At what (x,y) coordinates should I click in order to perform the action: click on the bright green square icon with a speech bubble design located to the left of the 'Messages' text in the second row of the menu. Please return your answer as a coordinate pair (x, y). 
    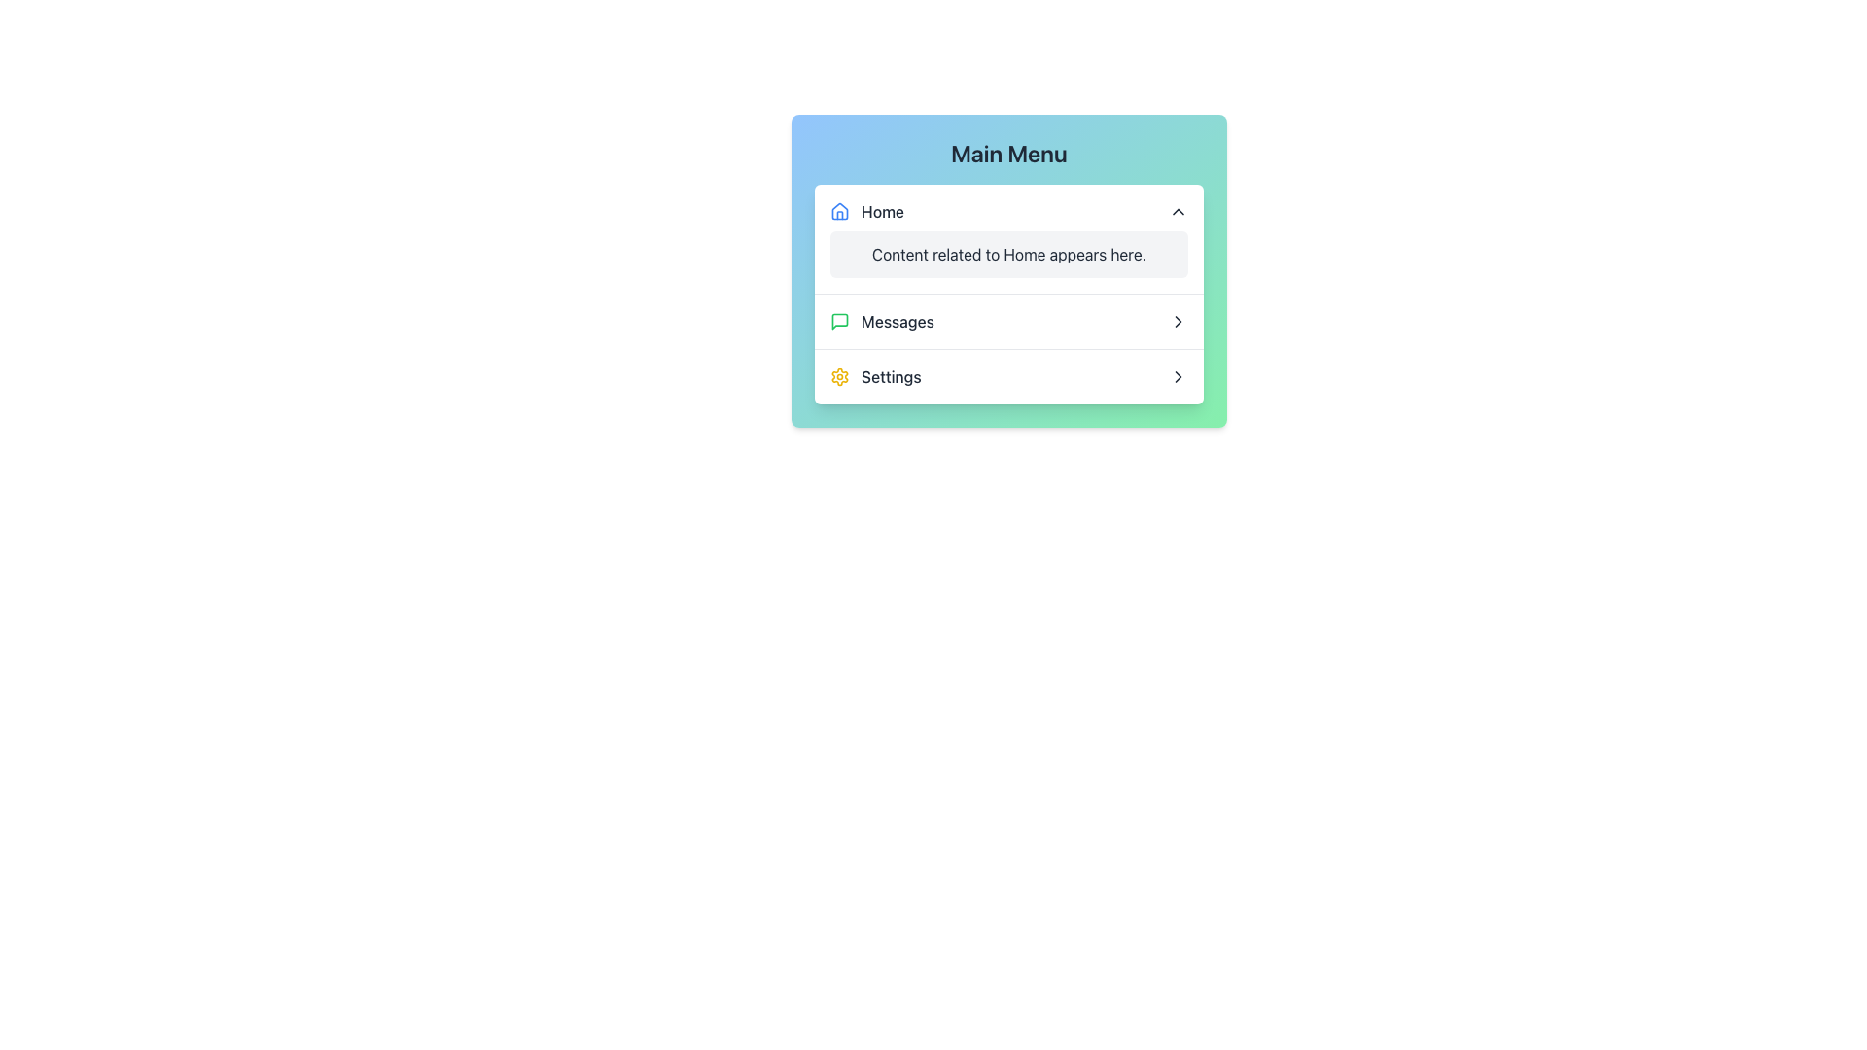
    Looking at the image, I should click on (840, 321).